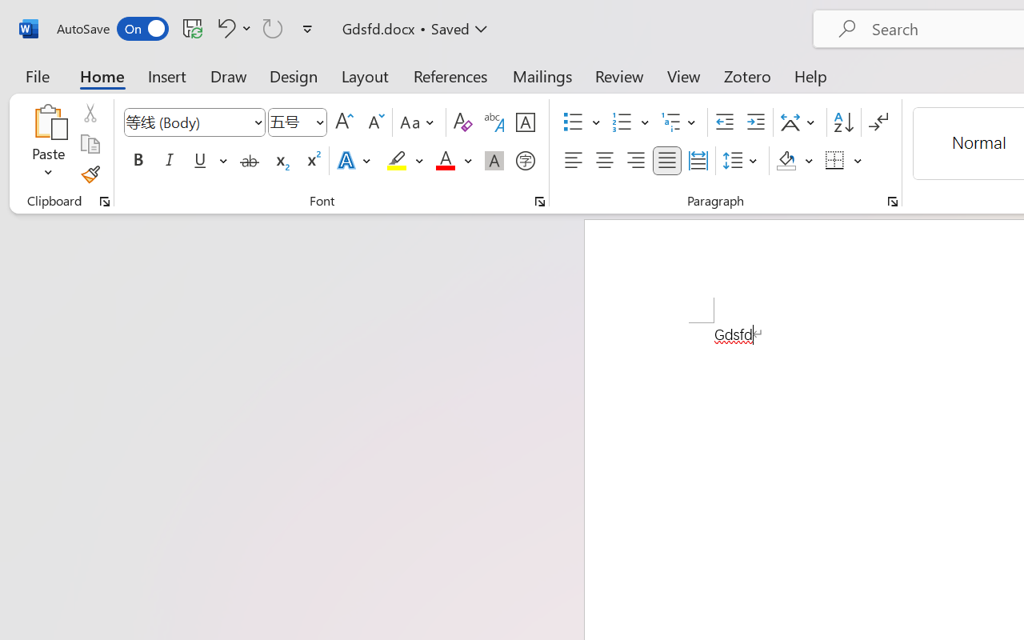  I want to click on 'Text Effects and Typography', so click(354, 161).